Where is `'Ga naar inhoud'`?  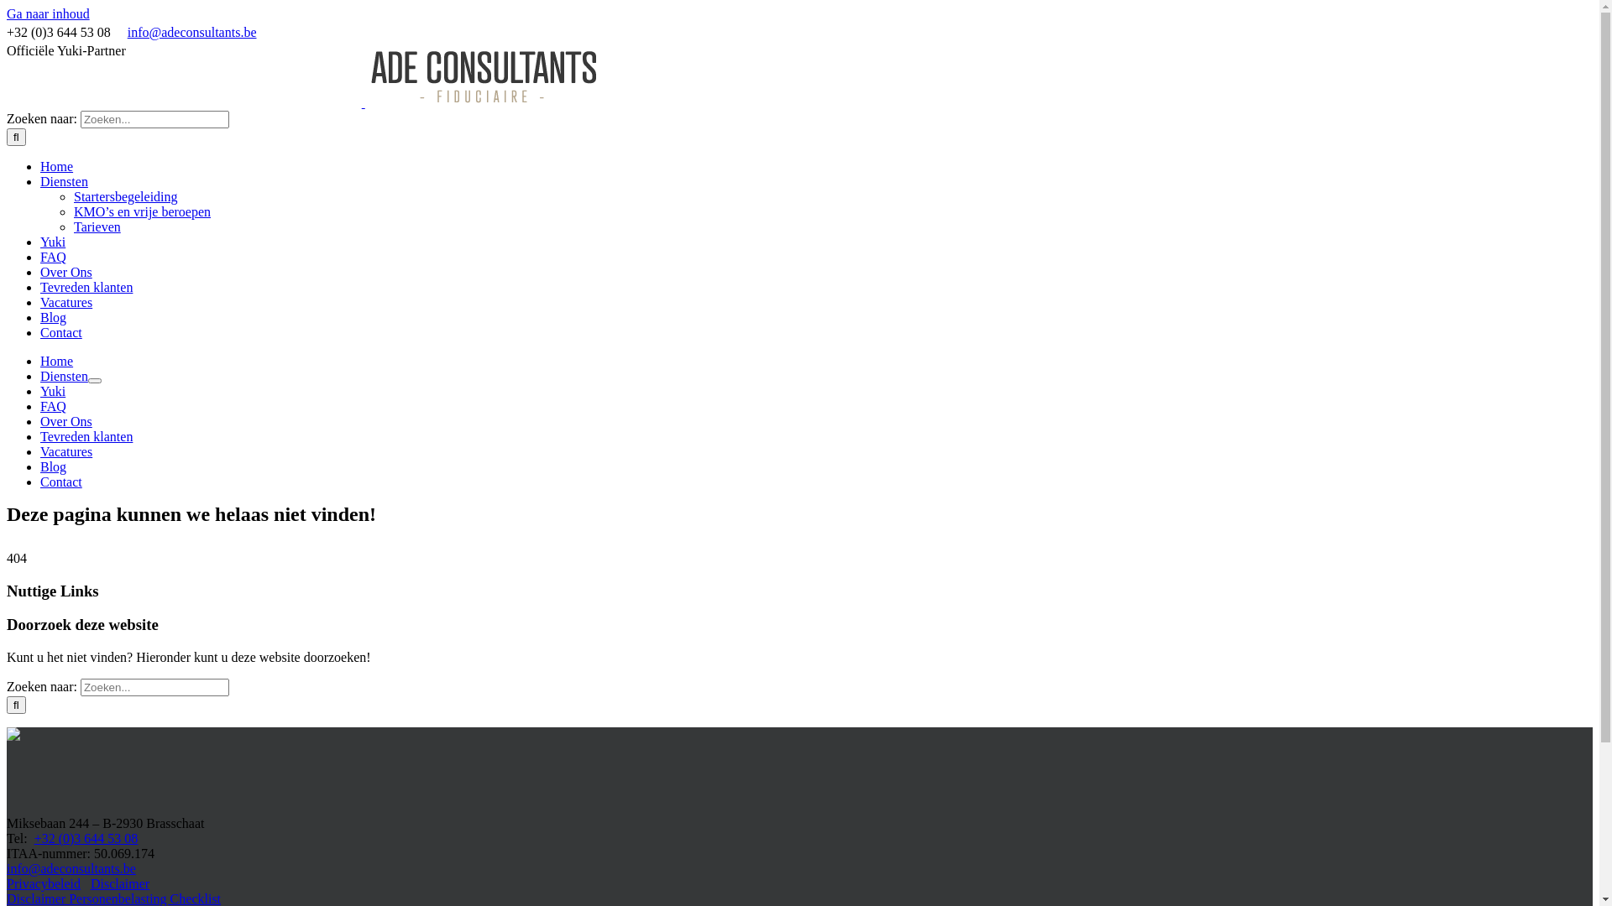 'Ga naar inhoud' is located at coordinates (48, 13).